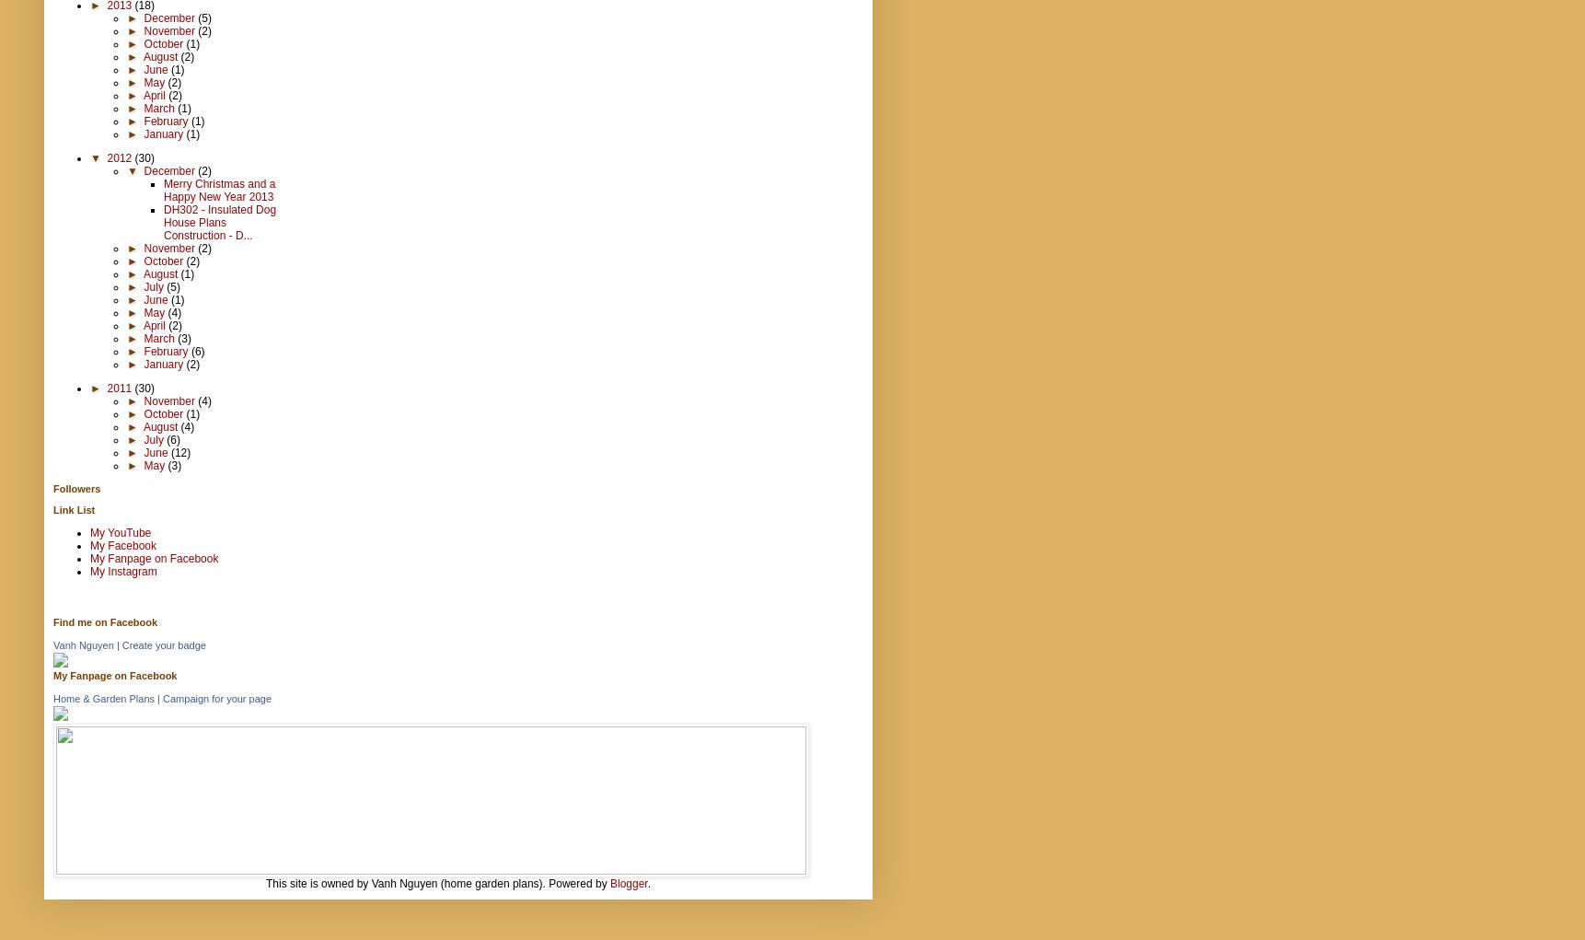 The width and height of the screenshot is (1585, 940). What do you see at coordinates (215, 699) in the screenshot?
I see `'Campaign for your page'` at bounding box center [215, 699].